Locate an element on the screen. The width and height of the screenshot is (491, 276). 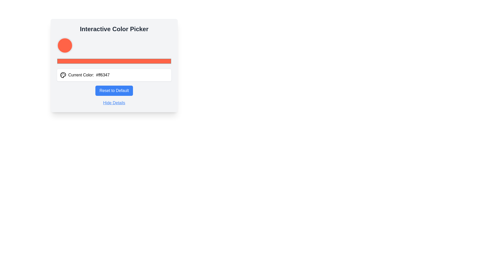
the slider value is located at coordinates (72, 61).